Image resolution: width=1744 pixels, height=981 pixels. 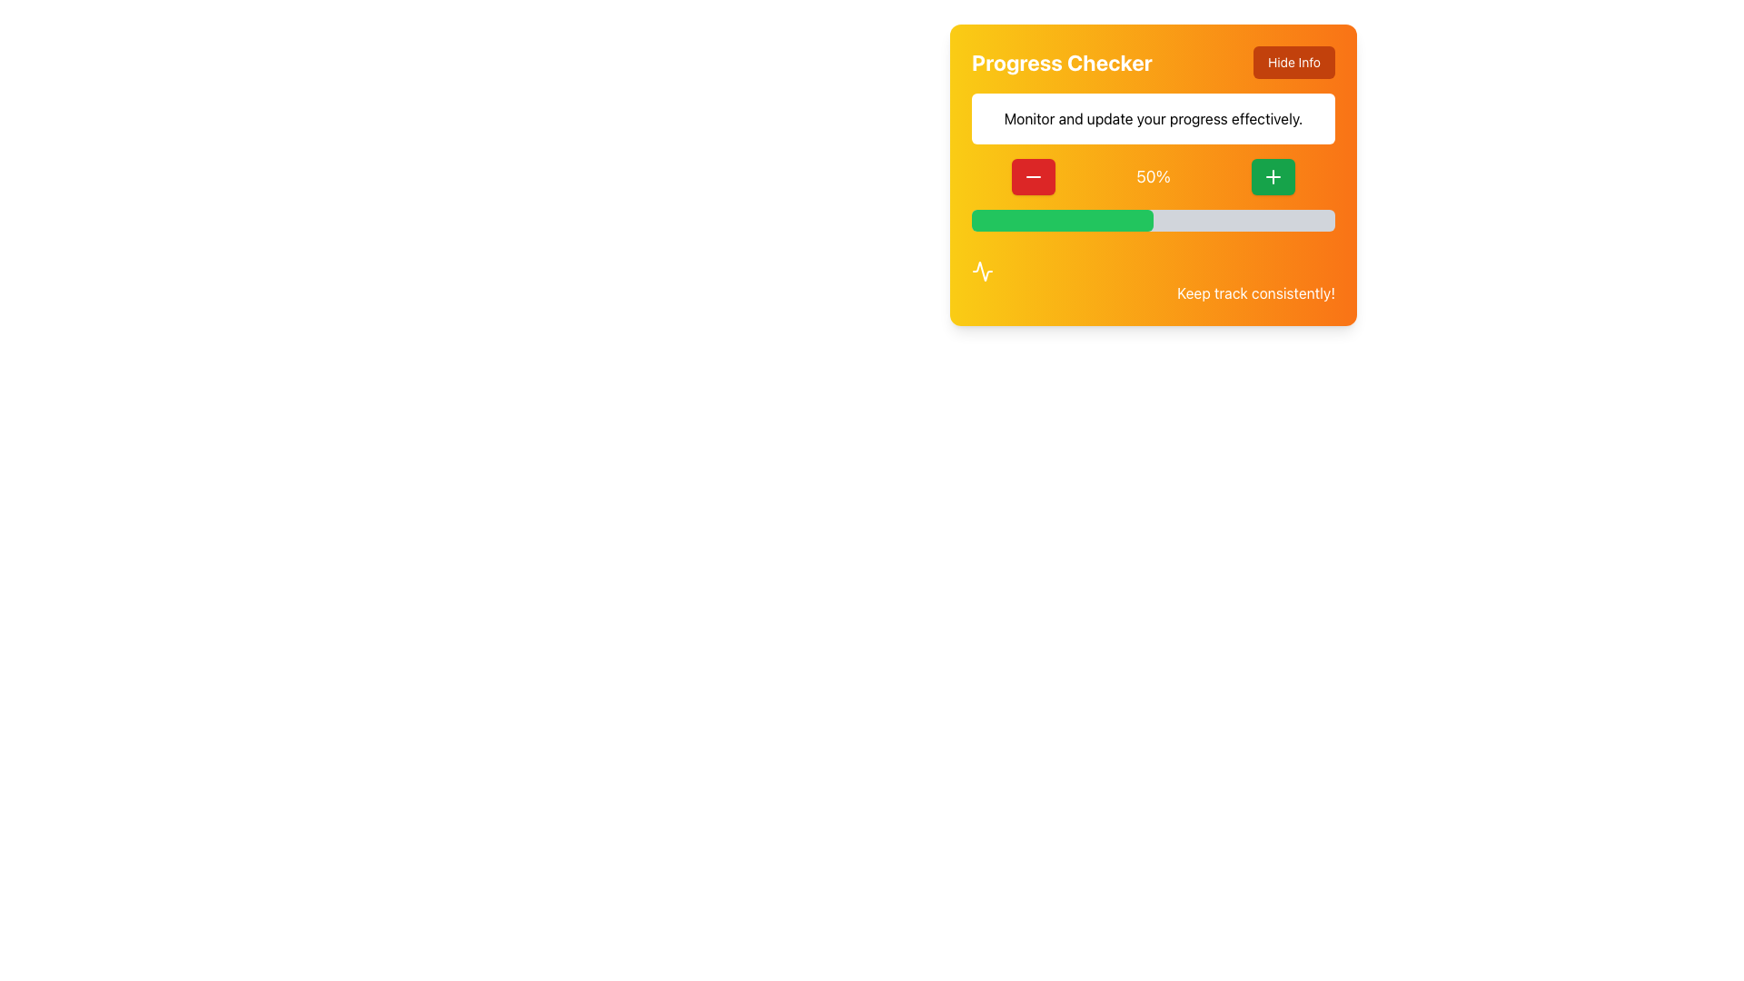 I want to click on the static text label located at the bottom-right corner of the widget, which serves as an informative label beneath the horizontal progress bar, so click(x=1254, y=292).